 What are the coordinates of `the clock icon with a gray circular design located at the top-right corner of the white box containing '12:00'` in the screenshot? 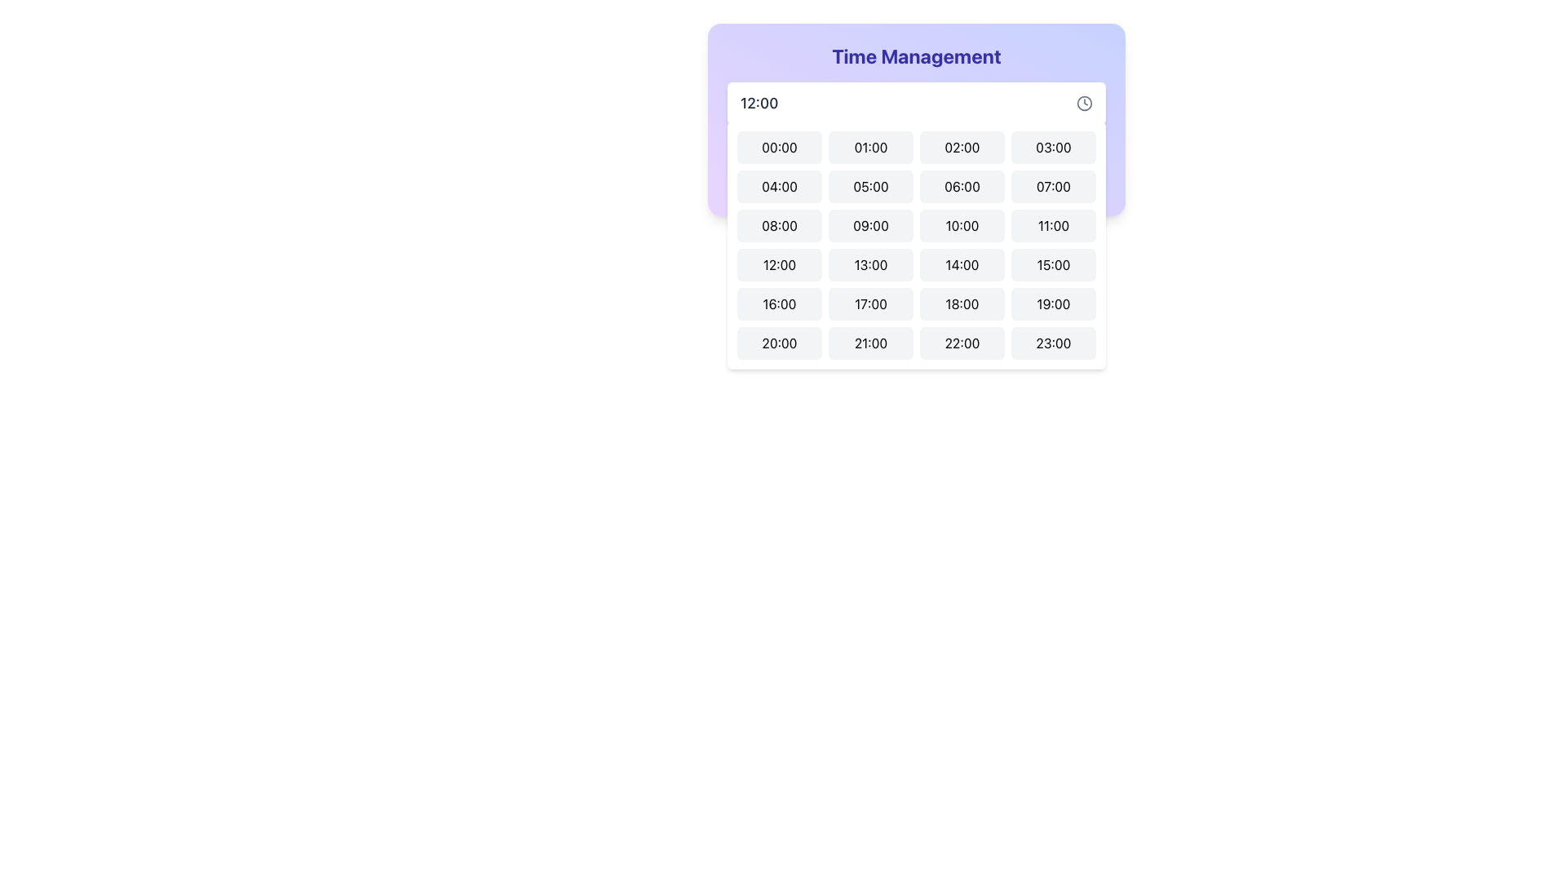 It's located at (1084, 104).